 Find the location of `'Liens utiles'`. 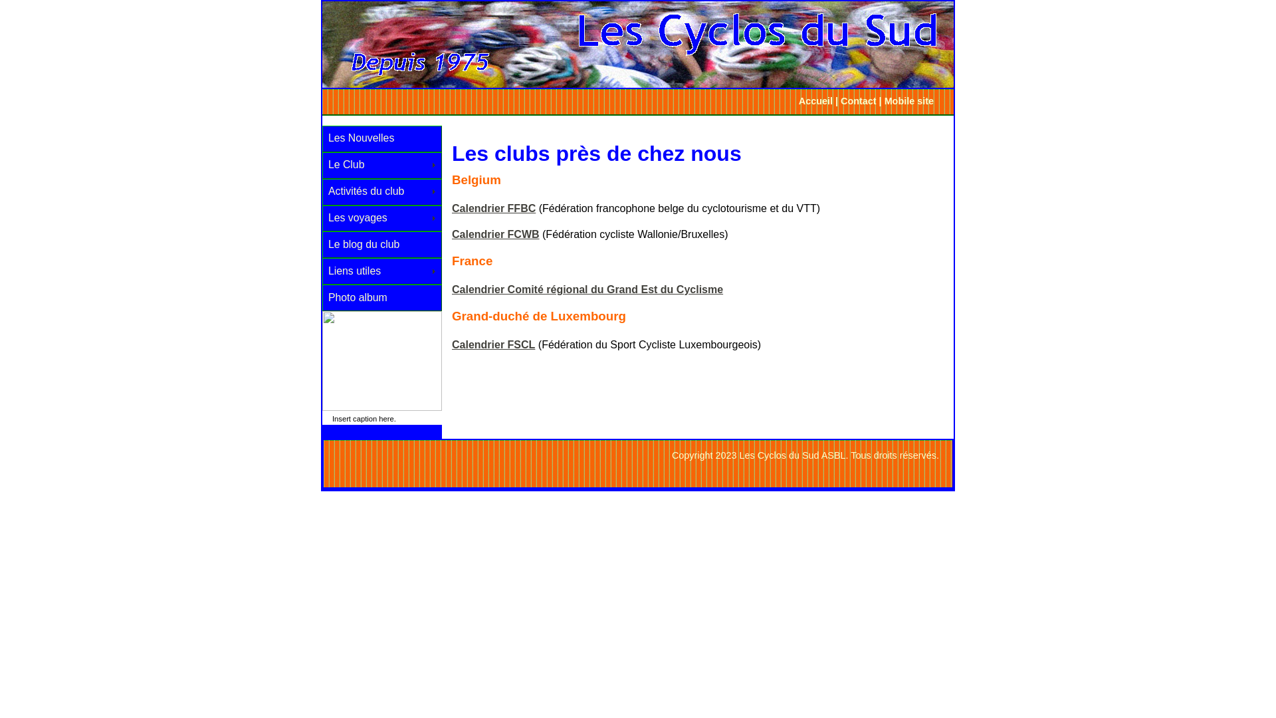

'Liens utiles' is located at coordinates (381, 271).